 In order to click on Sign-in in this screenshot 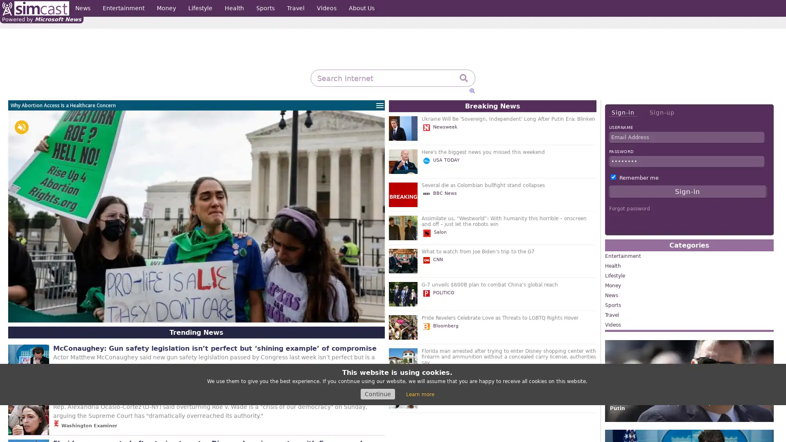, I will do `click(687, 191)`.